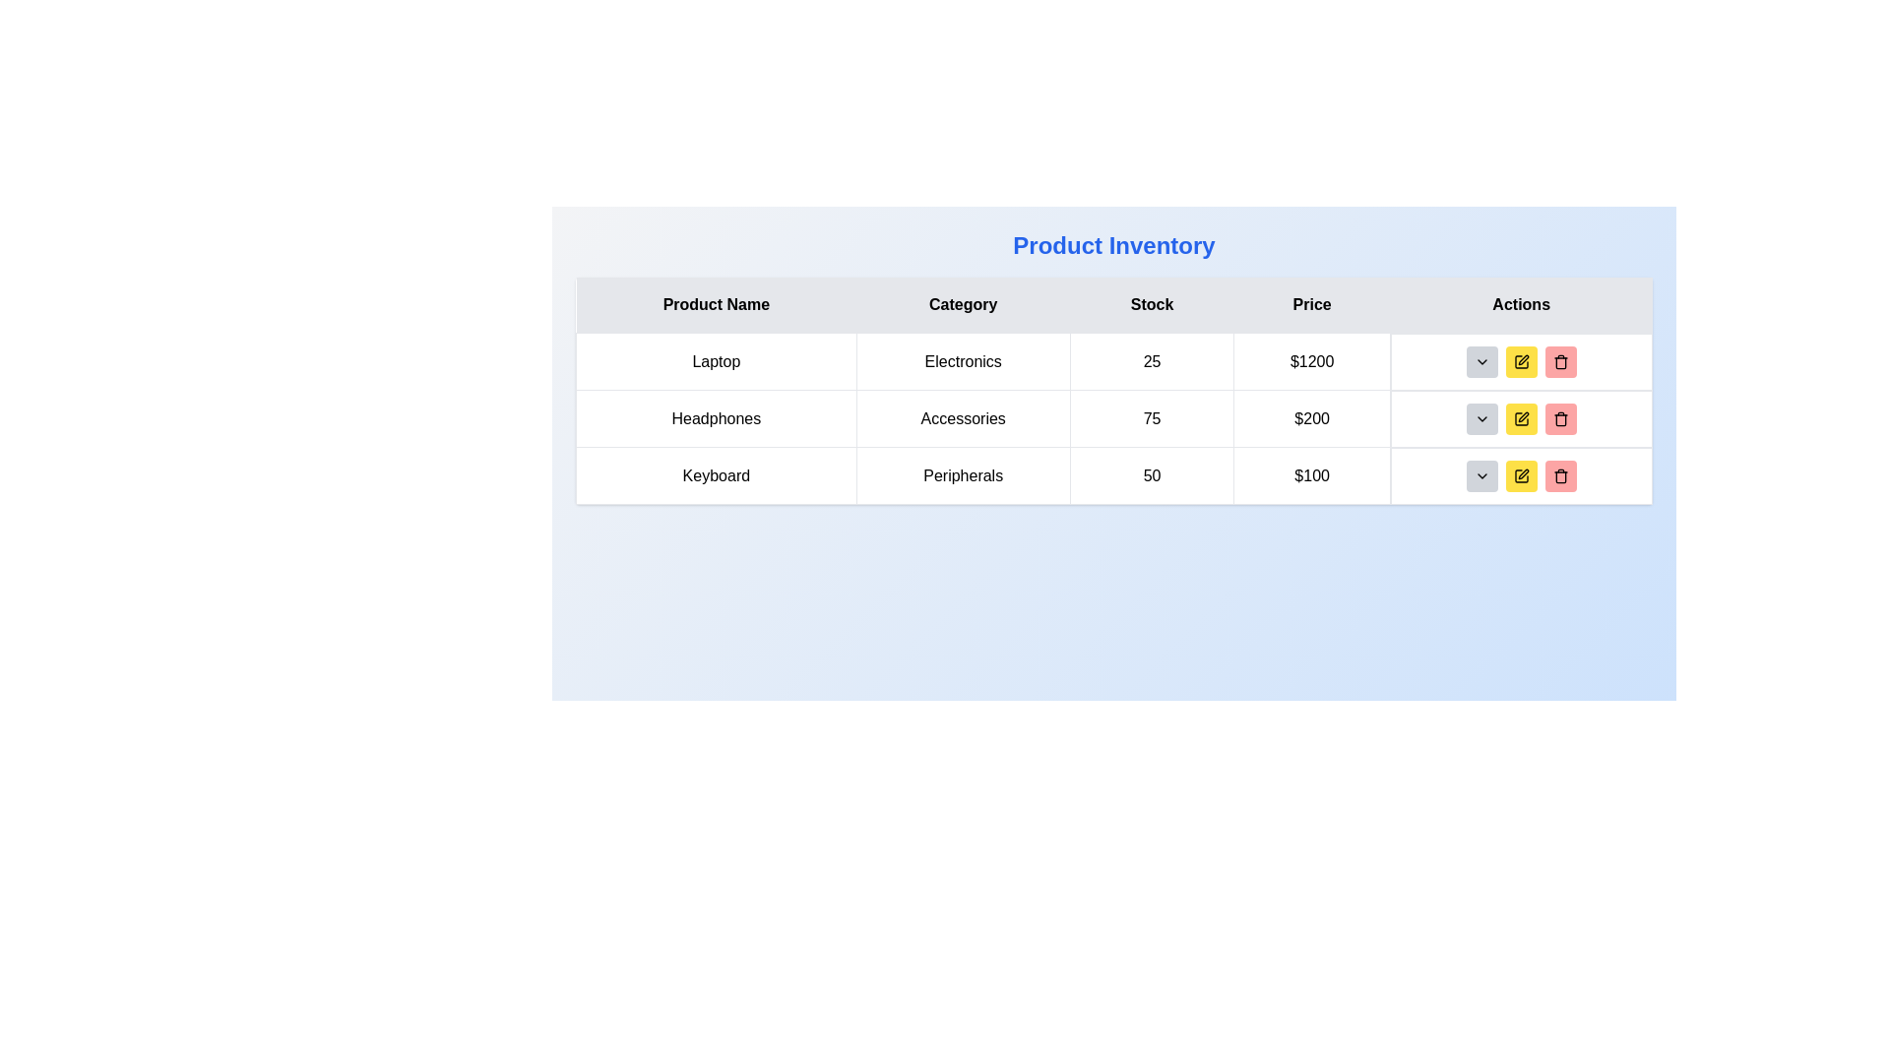 This screenshot has height=1063, width=1890. I want to click on the price label displaying '$200' for the 'Headphones Accessories' in the 'Price' column of the Accessories category, so click(1312, 417).